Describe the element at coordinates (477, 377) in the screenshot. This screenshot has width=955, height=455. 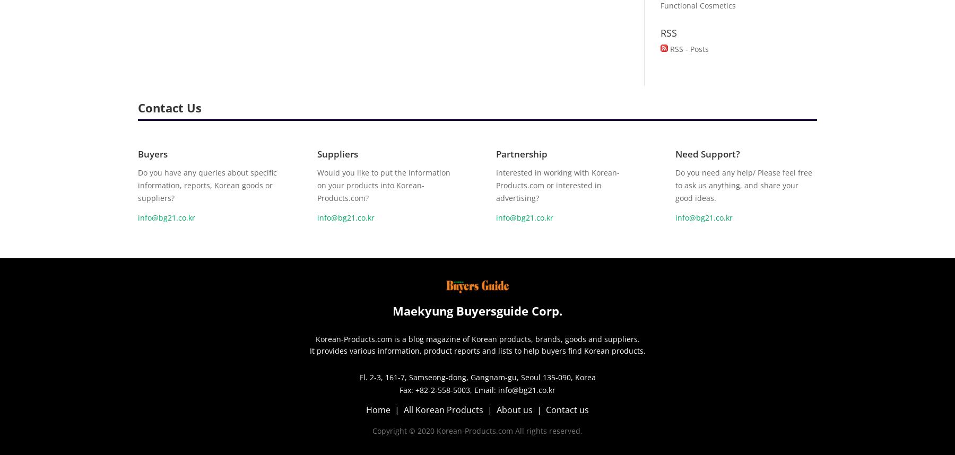
I see `'Fl. 2-3, 161-7, Samseong-dong, Gangnam-gu, Seoul 135-090, Korea'` at that location.